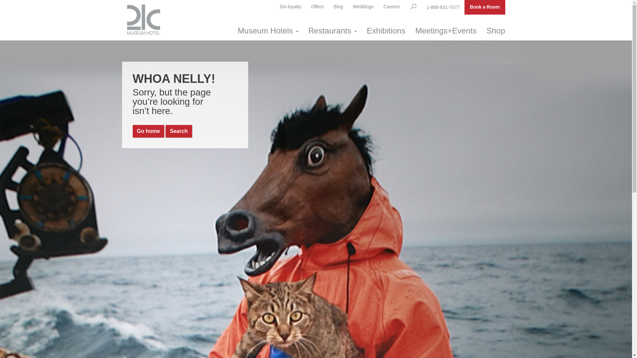 This screenshot has width=637, height=358. Describe the element at coordinates (317, 7) in the screenshot. I see `'Offers'` at that location.